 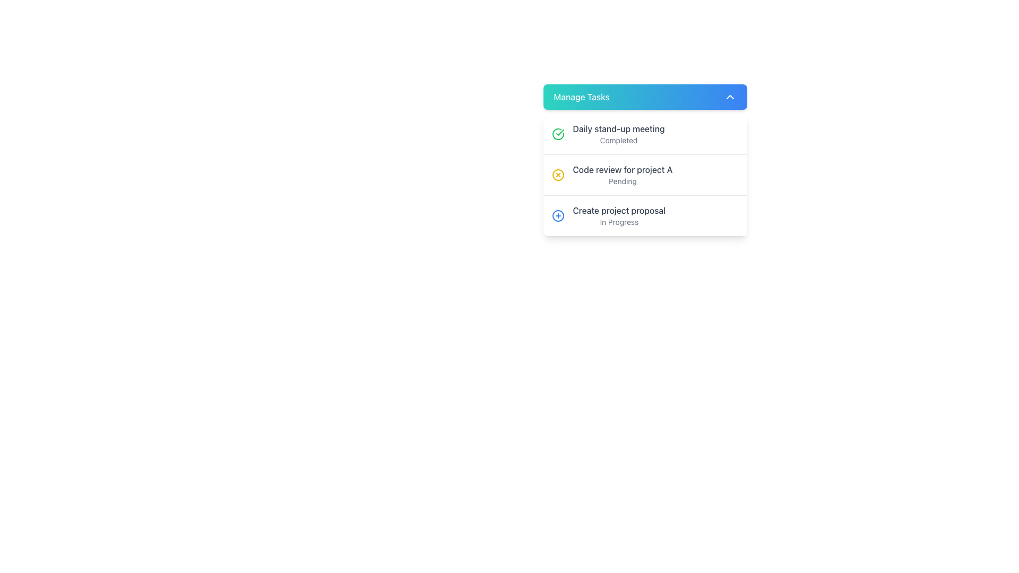 What do you see at coordinates (623, 175) in the screenshot?
I see `text label indicating the status of the ongoing task for 'project A' marked as 'Pending', located in the second row of the 'Manage Tasks' section` at bounding box center [623, 175].